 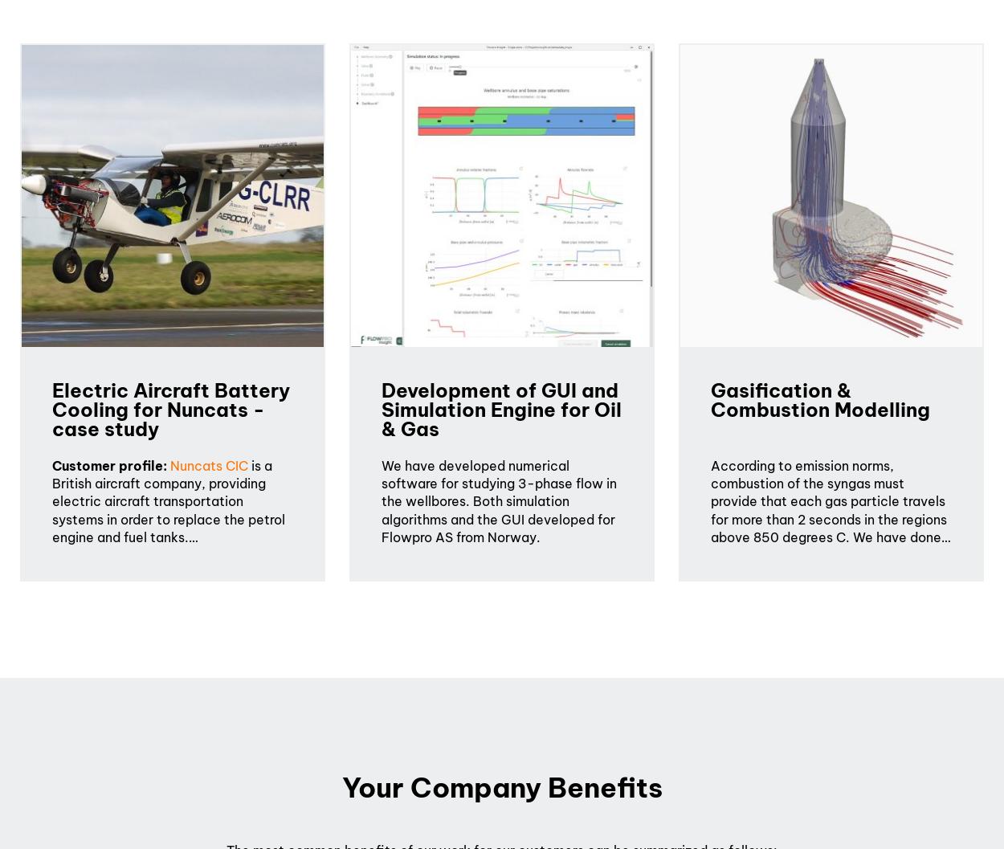 What do you see at coordinates (209, 464) in the screenshot?
I see `'Nuncats CIC'` at bounding box center [209, 464].